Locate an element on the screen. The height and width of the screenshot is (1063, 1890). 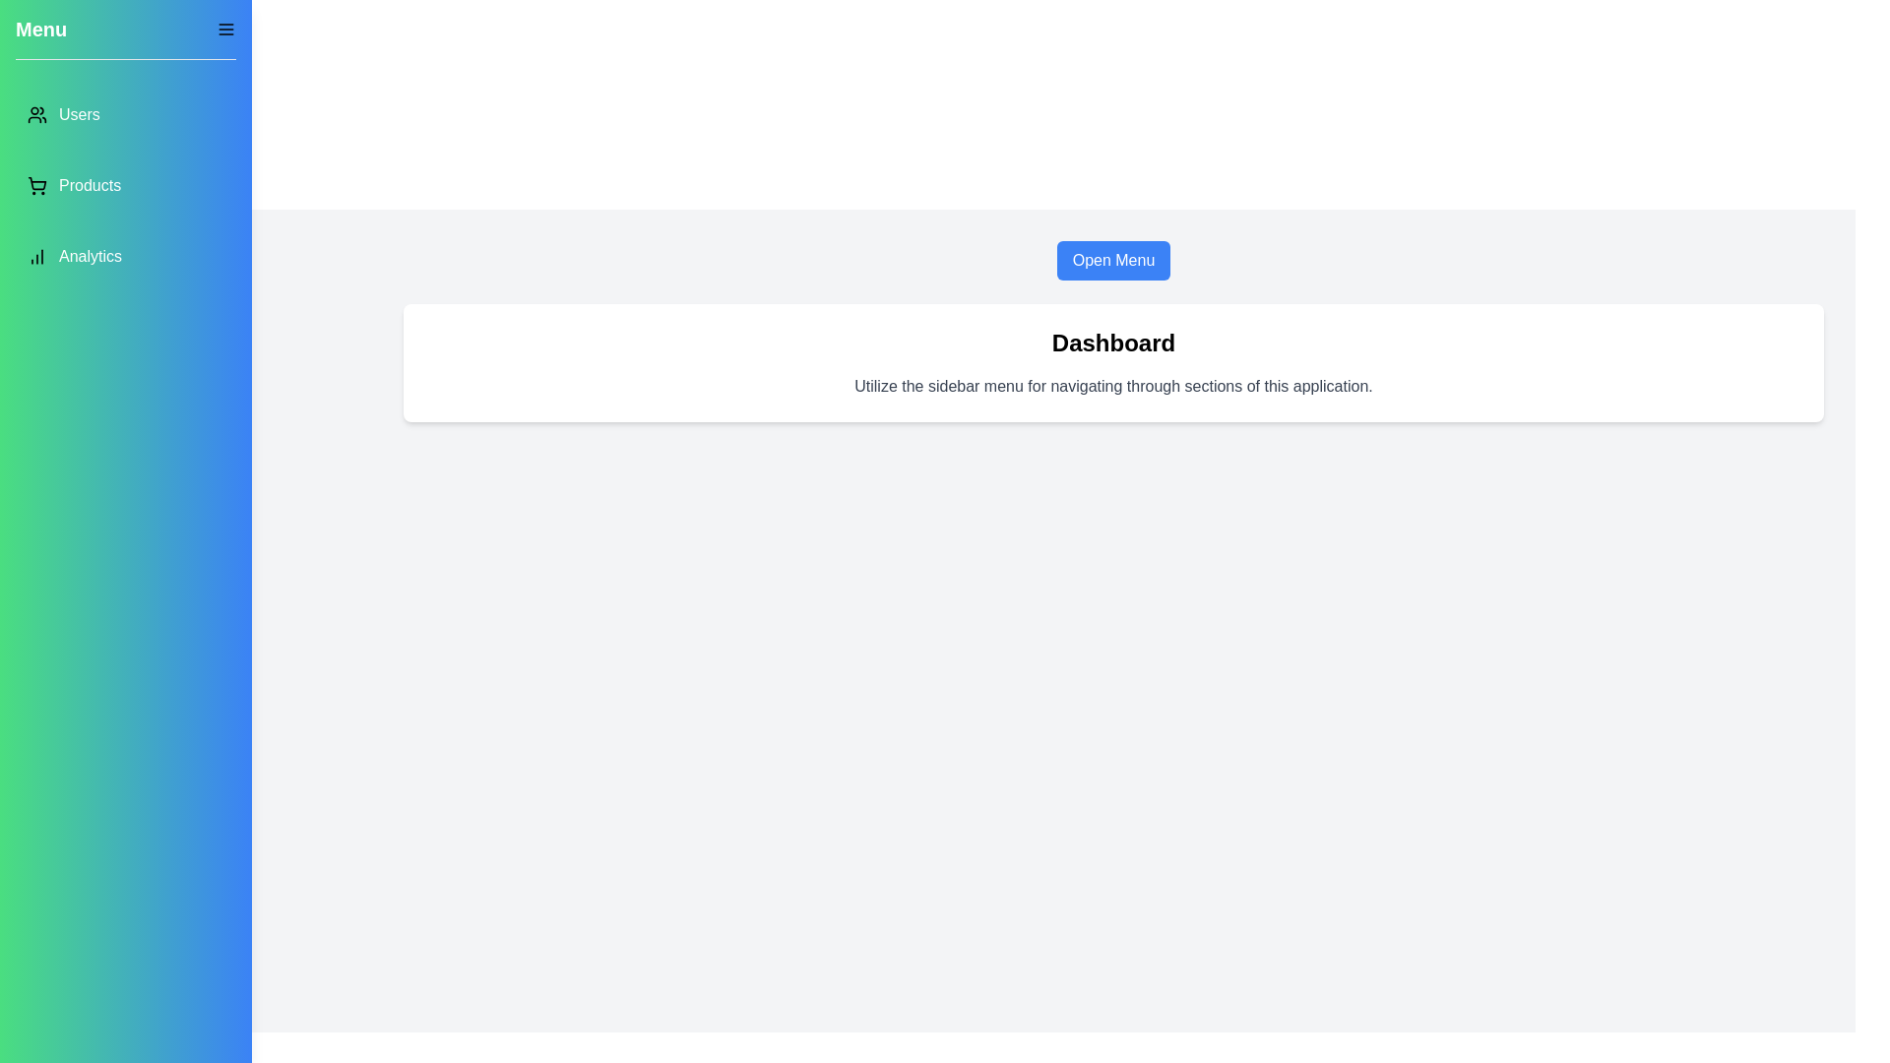
the menu item labeled Users to navigate to the respective section is located at coordinates (125, 114).